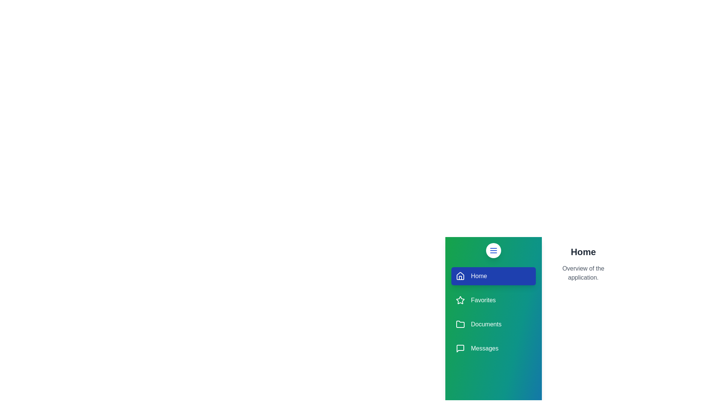 Image resolution: width=724 pixels, height=407 pixels. What do you see at coordinates (494, 349) in the screenshot?
I see `the Messages section from the drawer menu` at bounding box center [494, 349].